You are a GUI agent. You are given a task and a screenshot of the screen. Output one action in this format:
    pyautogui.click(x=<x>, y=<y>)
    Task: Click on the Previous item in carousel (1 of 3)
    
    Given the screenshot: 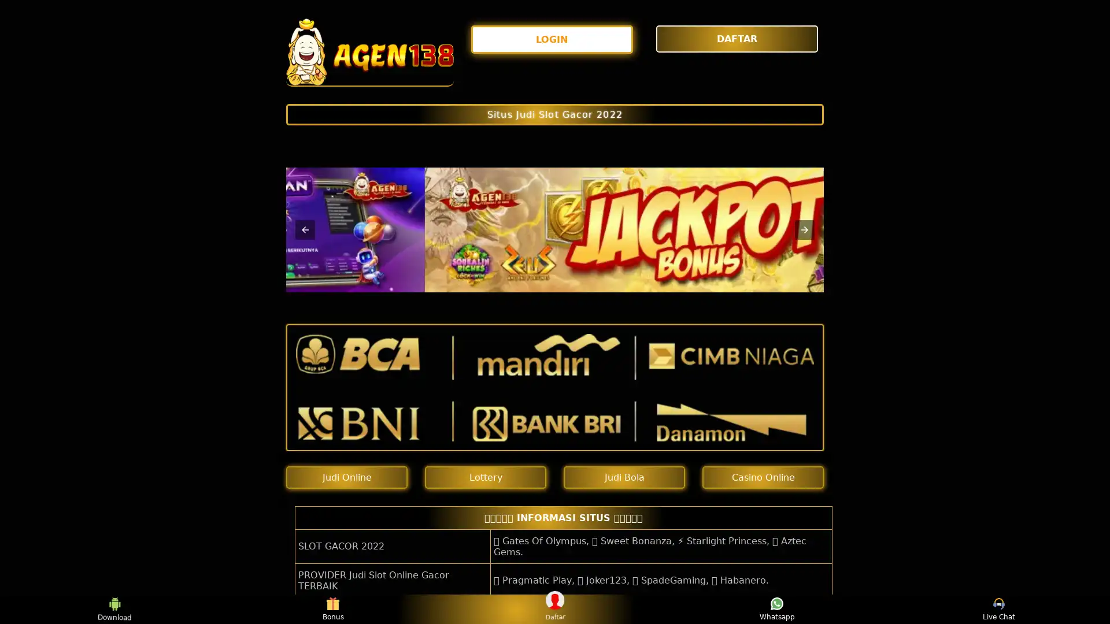 What is the action you would take?
    pyautogui.click(x=305, y=229)
    